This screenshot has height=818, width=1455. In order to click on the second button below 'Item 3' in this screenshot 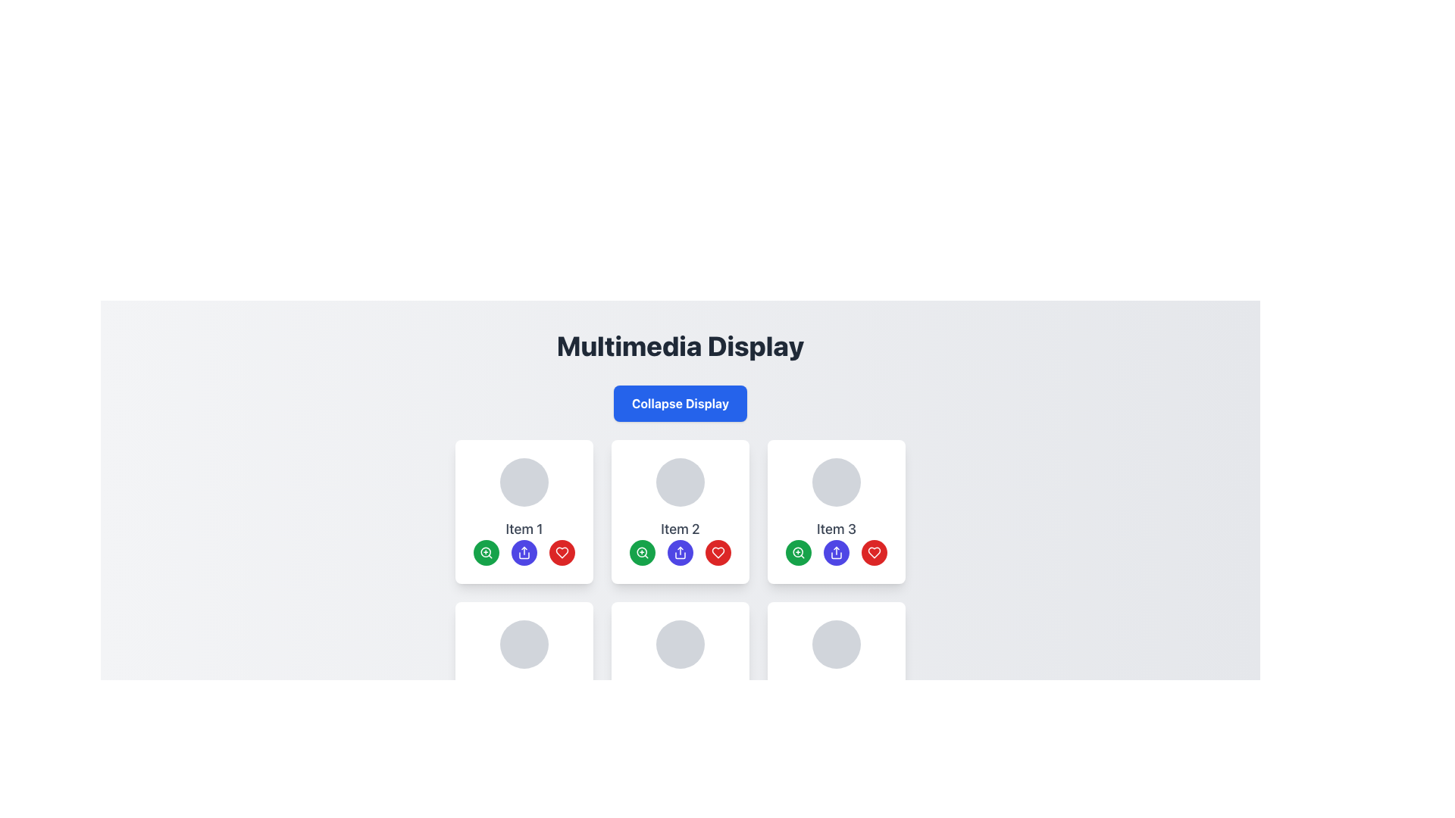, I will do `click(836, 552)`.